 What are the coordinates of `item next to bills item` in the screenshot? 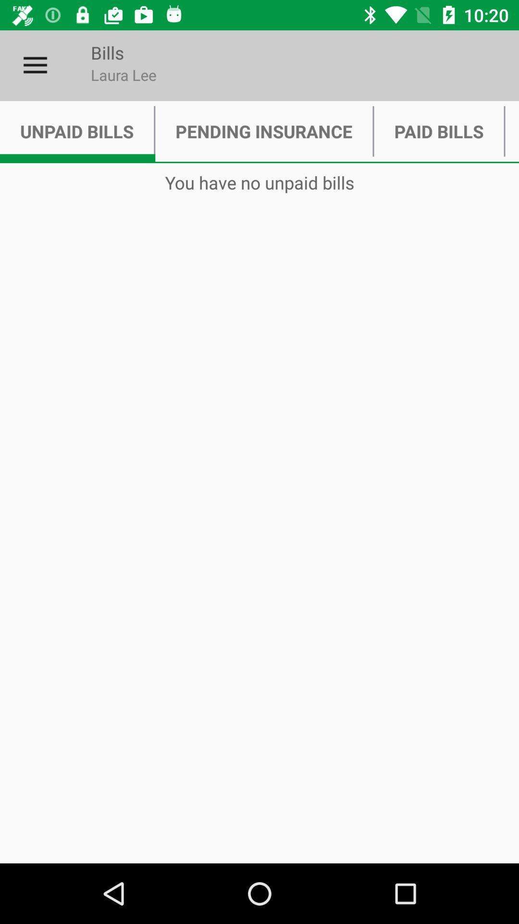 It's located at (35, 65).